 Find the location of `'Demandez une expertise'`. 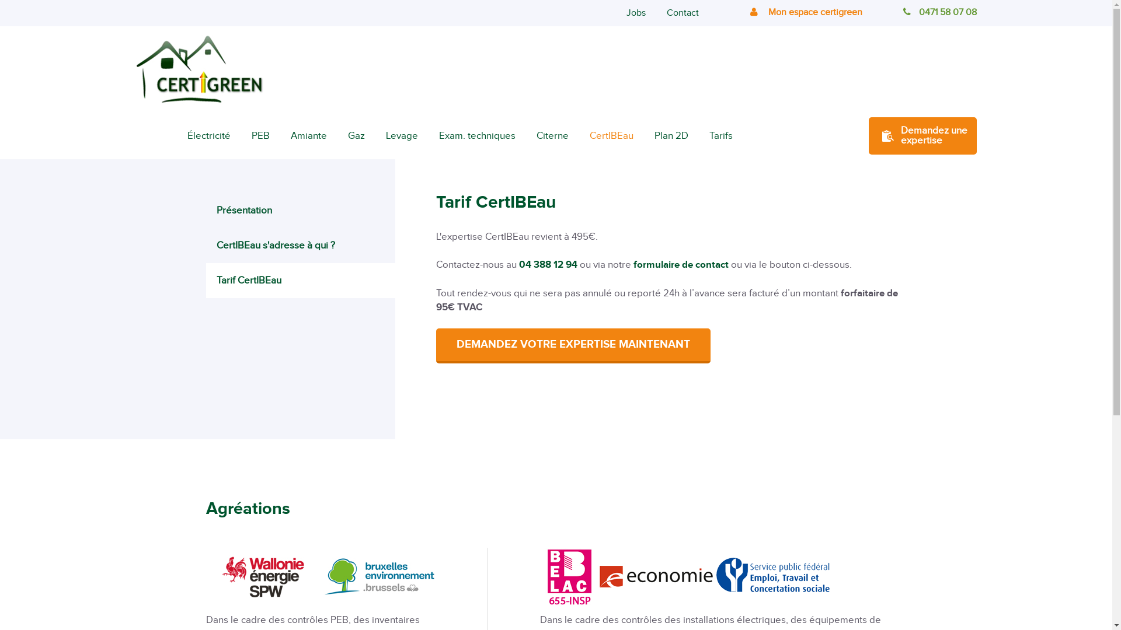

'Demandez une expertise' is located at coordinates (869, 135).